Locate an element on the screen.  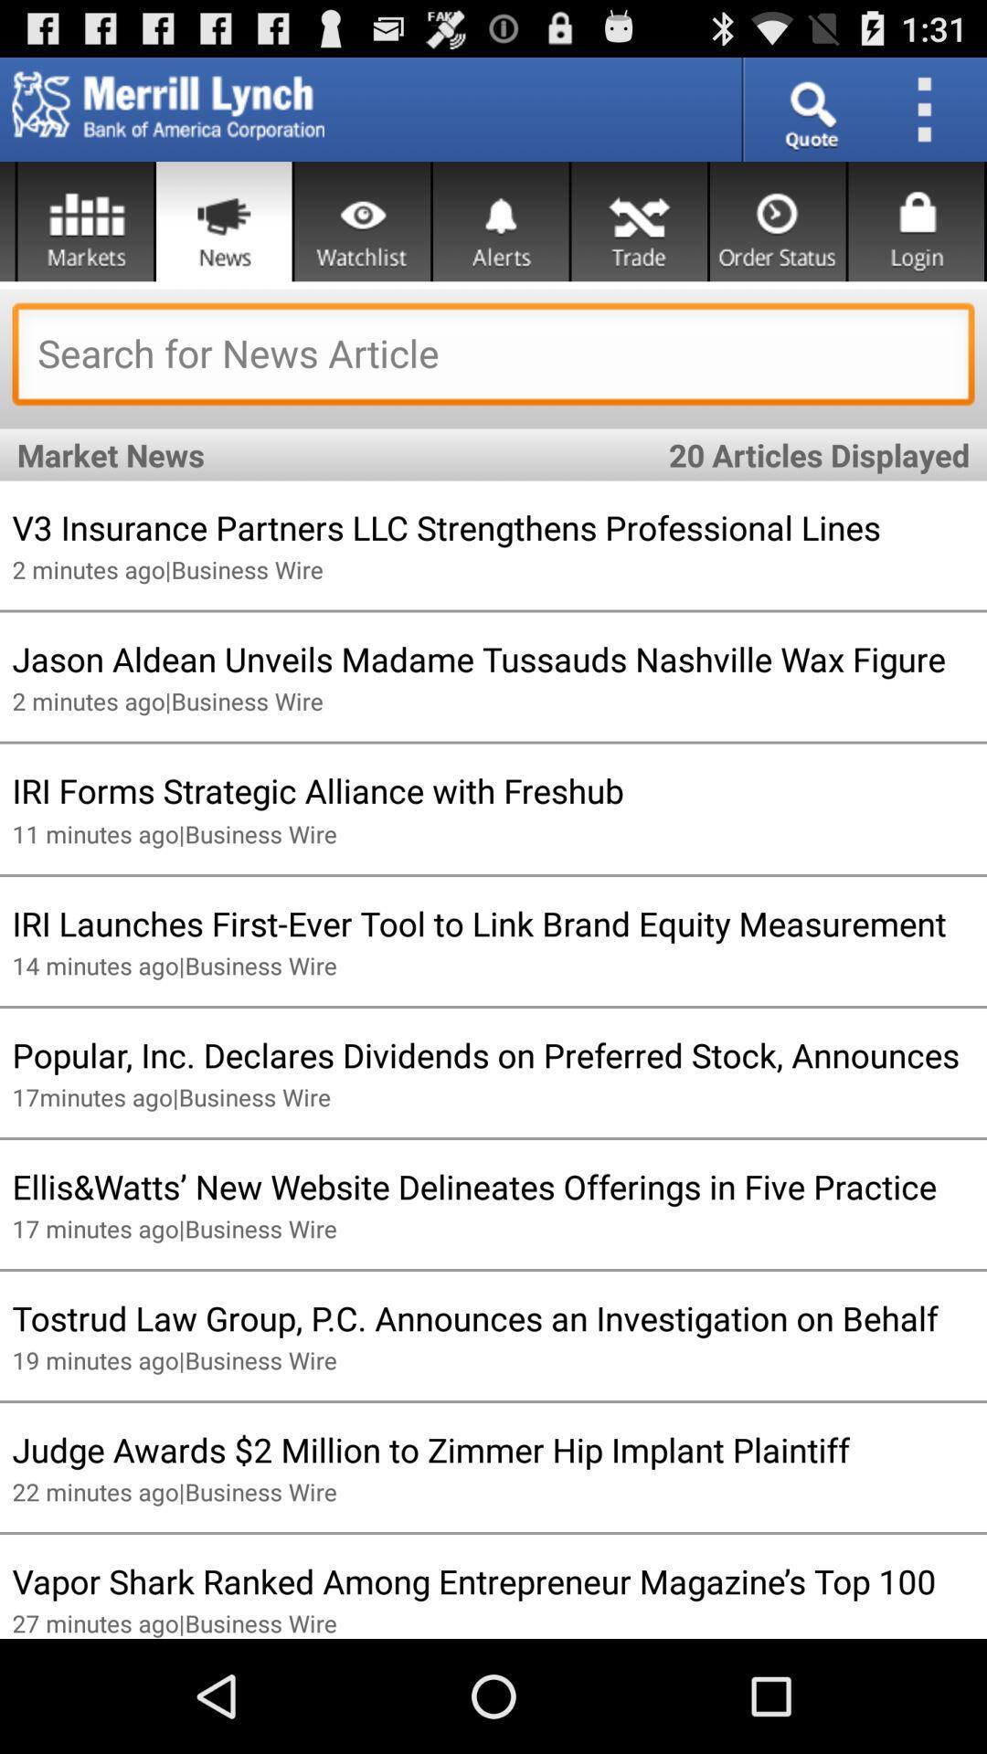
the time icon is located at coordinates (778, 236).